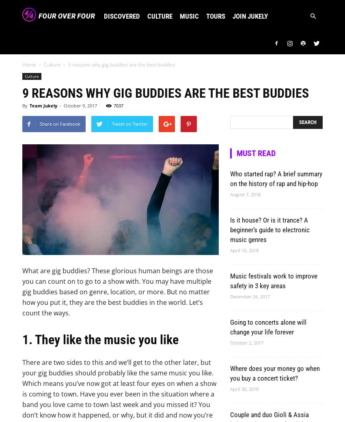 This screenshot has width=345, height=422. I want to click on '-', so click(60, 105).